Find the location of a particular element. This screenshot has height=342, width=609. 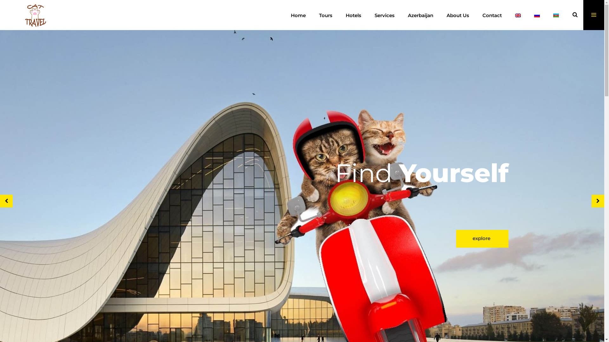

'Tours' is located at coordinates (326, 15).